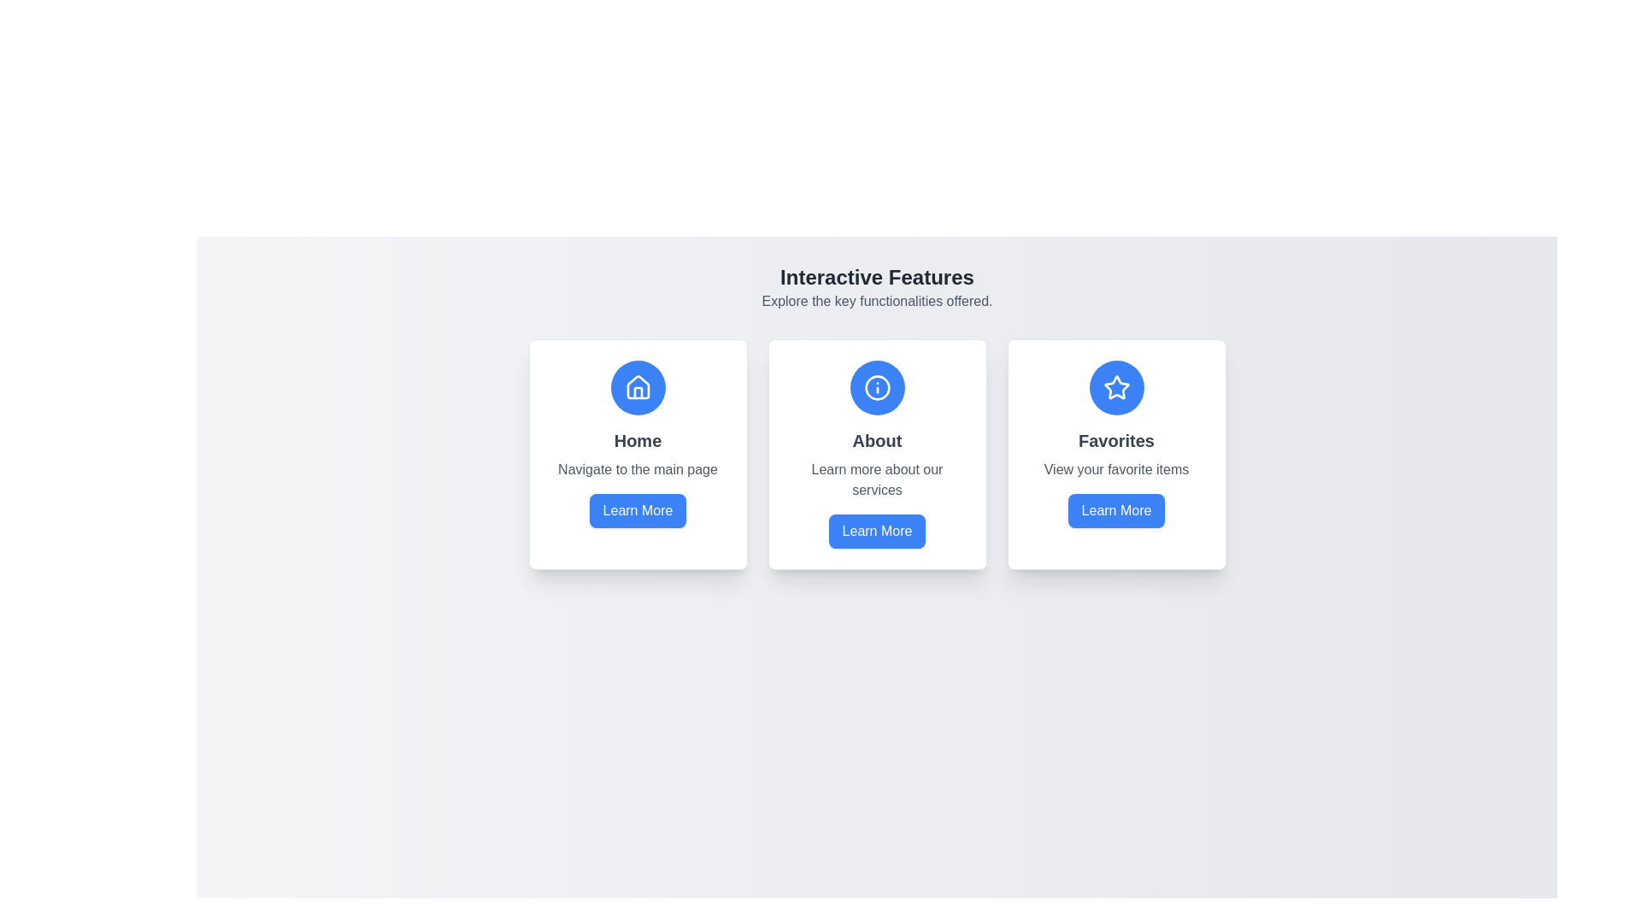  I want to click on text label indicating 'Favorites' located in the center card of the three-card layout, positioned below the blue circular star icon, so click(1116, 440).